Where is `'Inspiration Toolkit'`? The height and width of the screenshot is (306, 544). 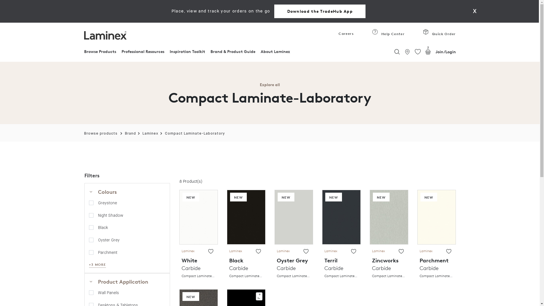 'Inspiration Toolkit' is located at coordinates (187, 53).